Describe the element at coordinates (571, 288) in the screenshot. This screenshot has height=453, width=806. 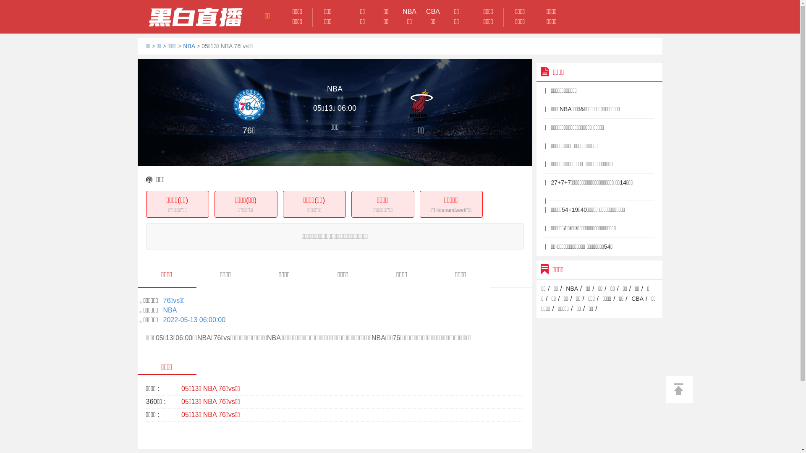
I see `'NBA'` at that location.